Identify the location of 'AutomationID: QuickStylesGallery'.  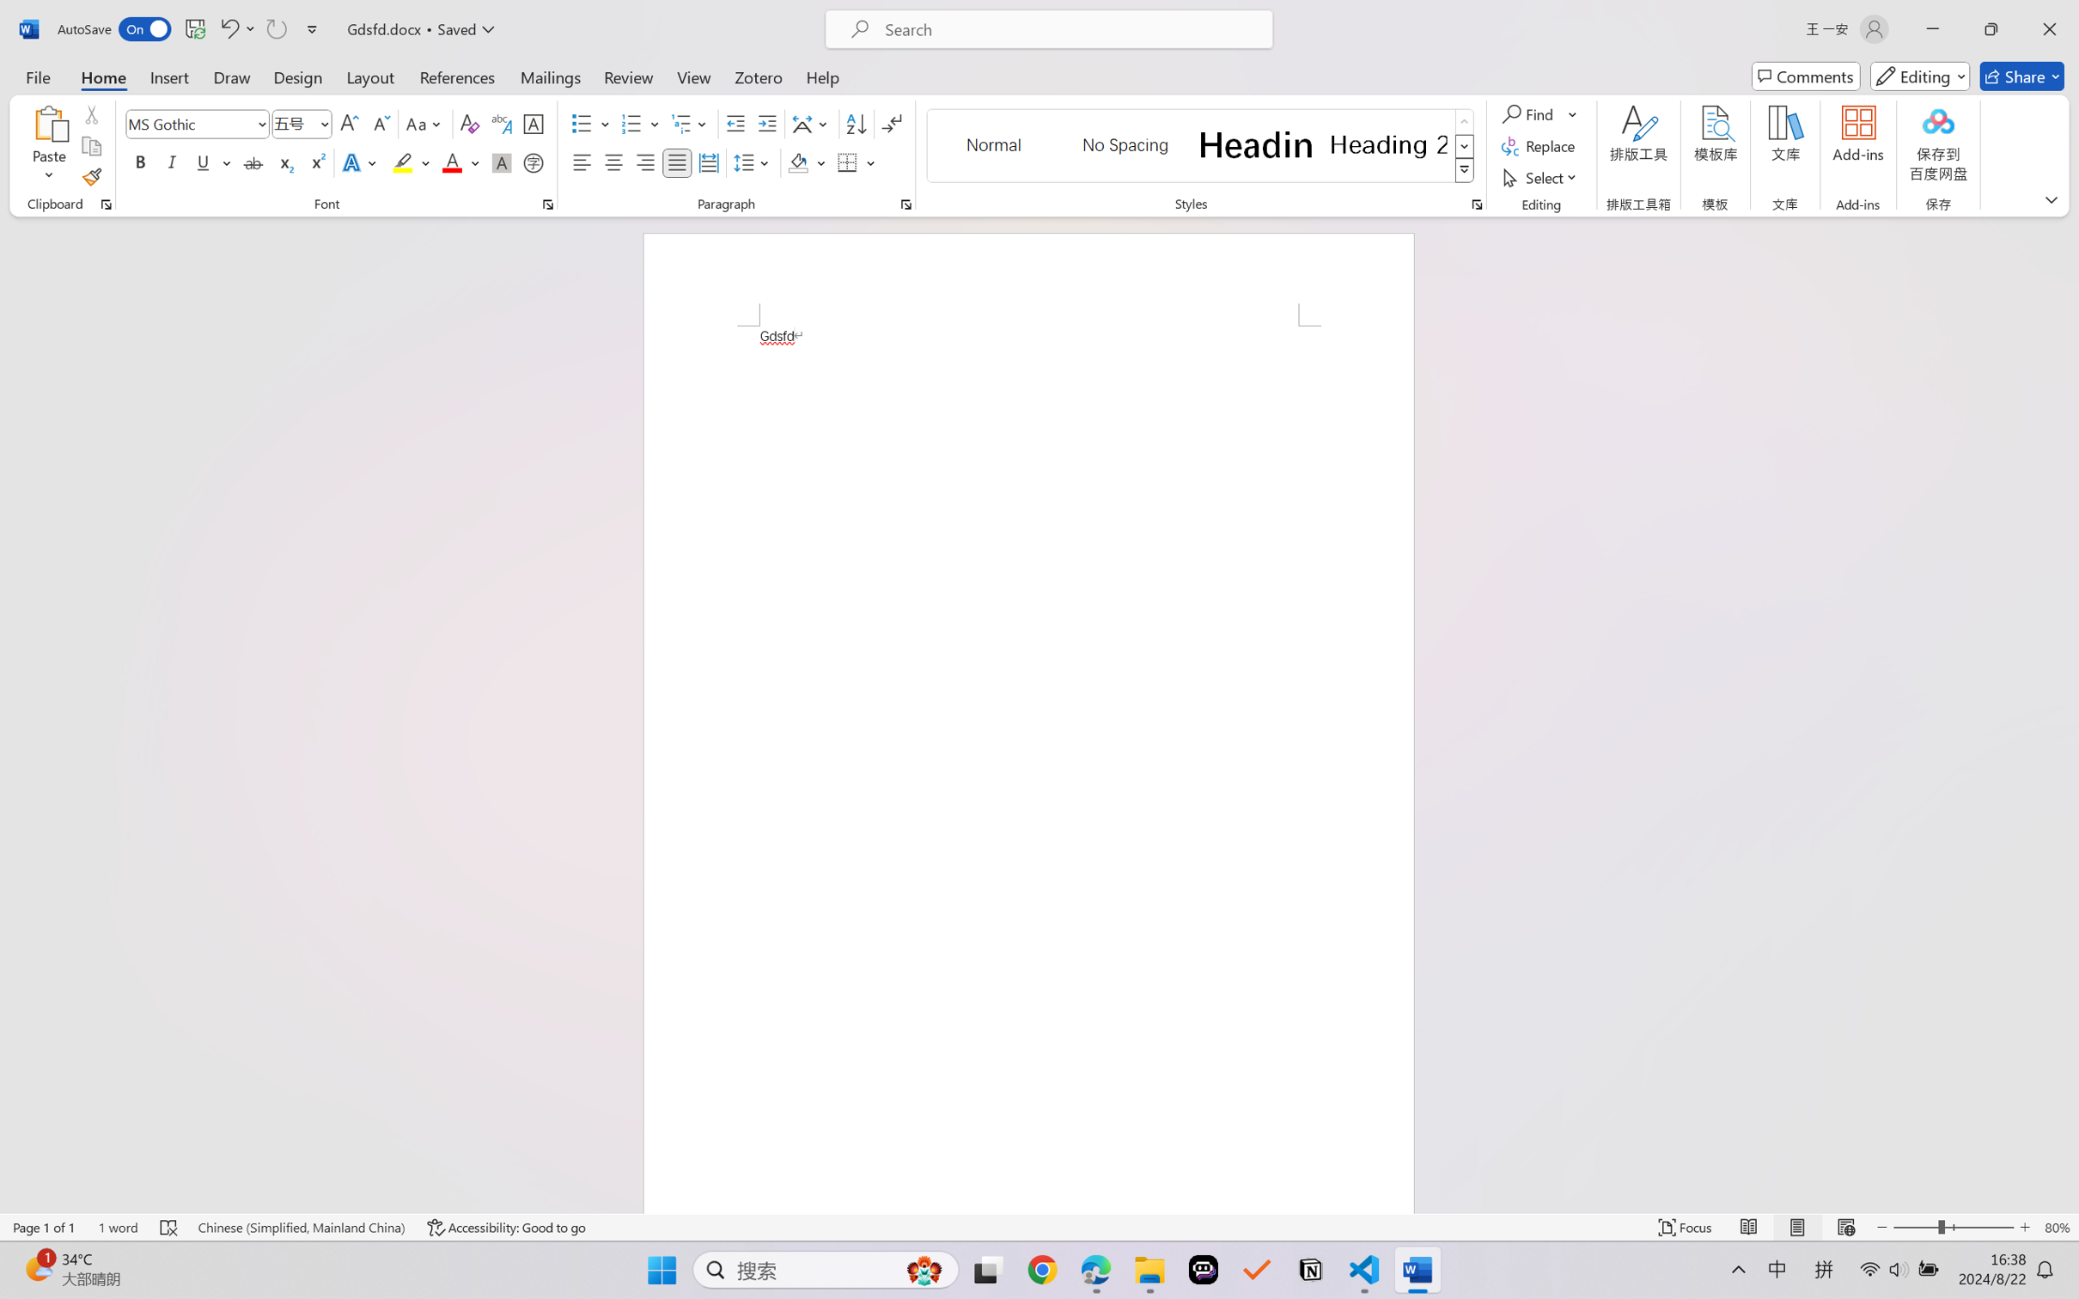
(1200, 146).